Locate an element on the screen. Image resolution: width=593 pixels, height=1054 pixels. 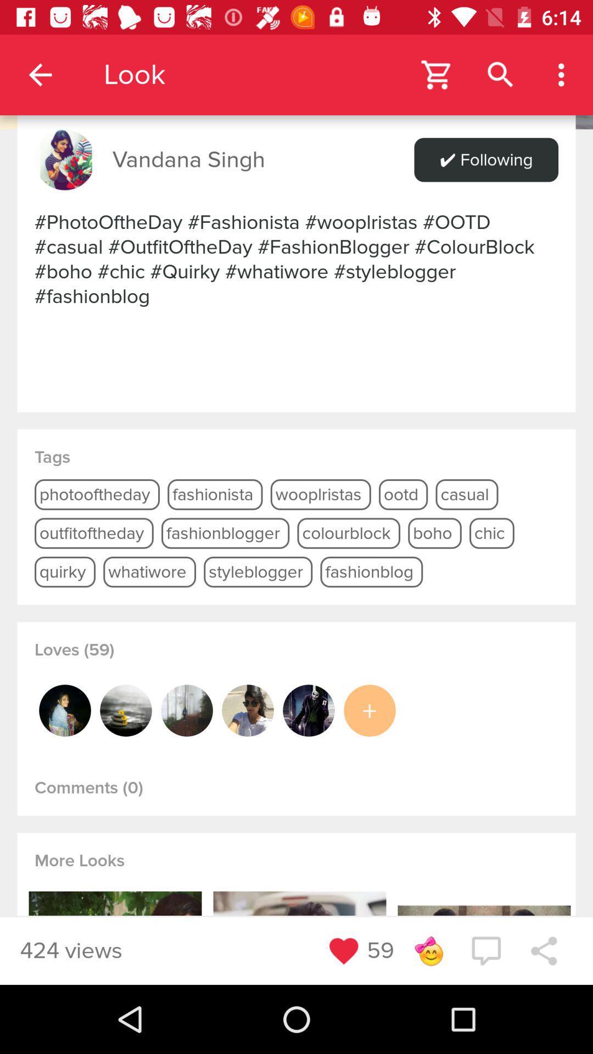
icon next to vandana singh item is located at coordinates (65, 159).